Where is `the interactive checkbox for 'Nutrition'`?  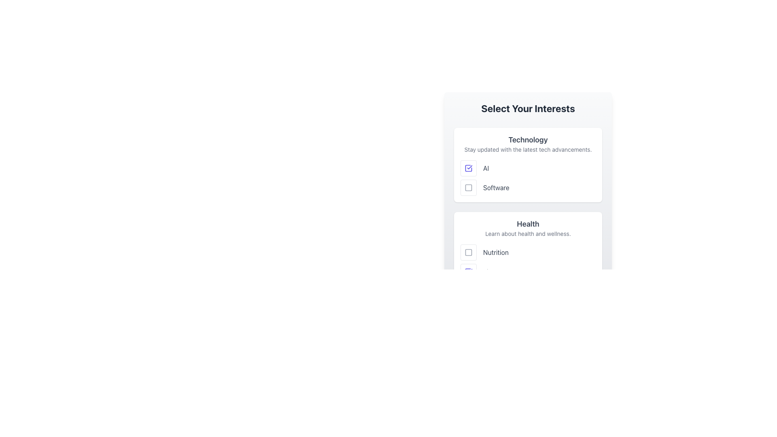
the interactive checkbox for 'Nutrition' is located at coordinates (468, 252).